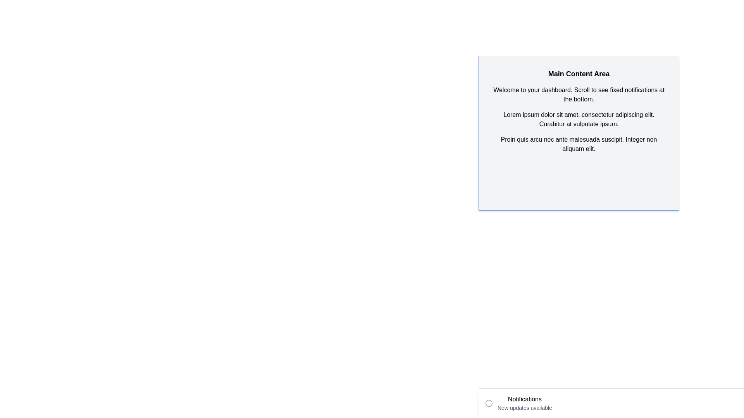 The height and width of the screenshot is (418, 744). I want to click on the static text element displaying 'Notifications' located in the lower-right corner of the page, so click(525, 399).